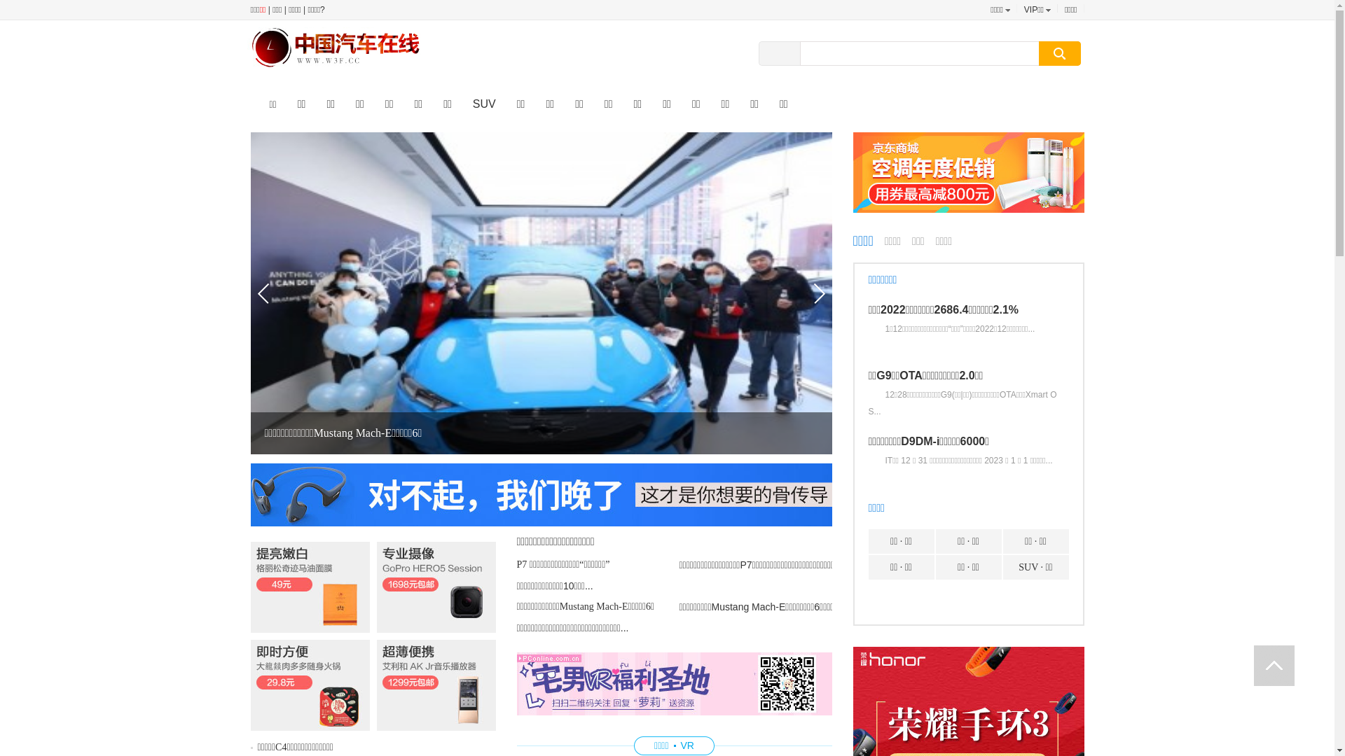  What do you see at coordinates (687, 744) in the screenshot?
I see `'VR'` at bounding box center [687, 744].